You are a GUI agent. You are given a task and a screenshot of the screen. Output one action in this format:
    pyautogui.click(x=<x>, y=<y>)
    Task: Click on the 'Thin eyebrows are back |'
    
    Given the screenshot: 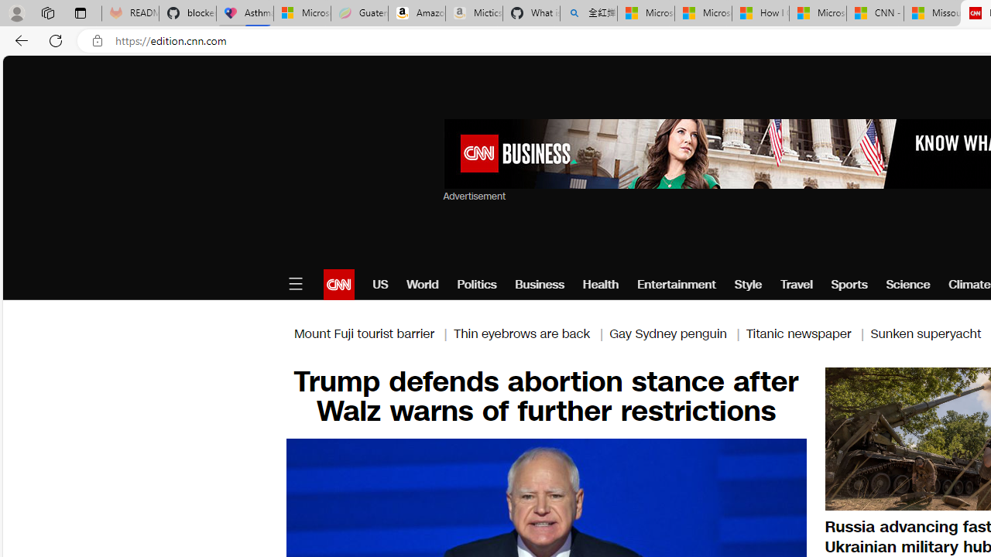 What is the action you would take?
    pyautogui.click(x=531, y=333)
    